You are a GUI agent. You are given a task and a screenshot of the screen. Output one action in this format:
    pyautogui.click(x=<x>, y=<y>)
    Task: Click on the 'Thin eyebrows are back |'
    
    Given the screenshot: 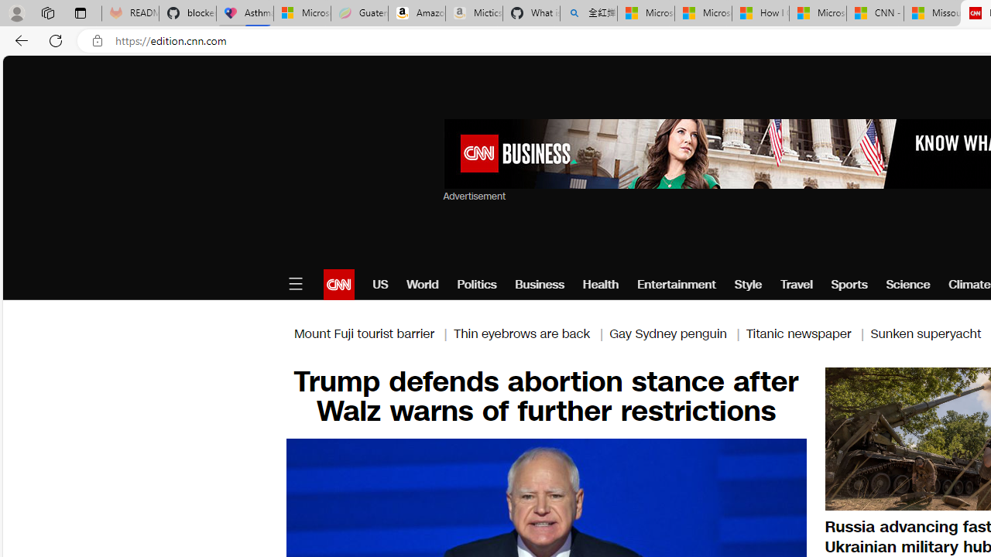 What is the action you would take?
    pyautogui.click(x=531, y=333)
    